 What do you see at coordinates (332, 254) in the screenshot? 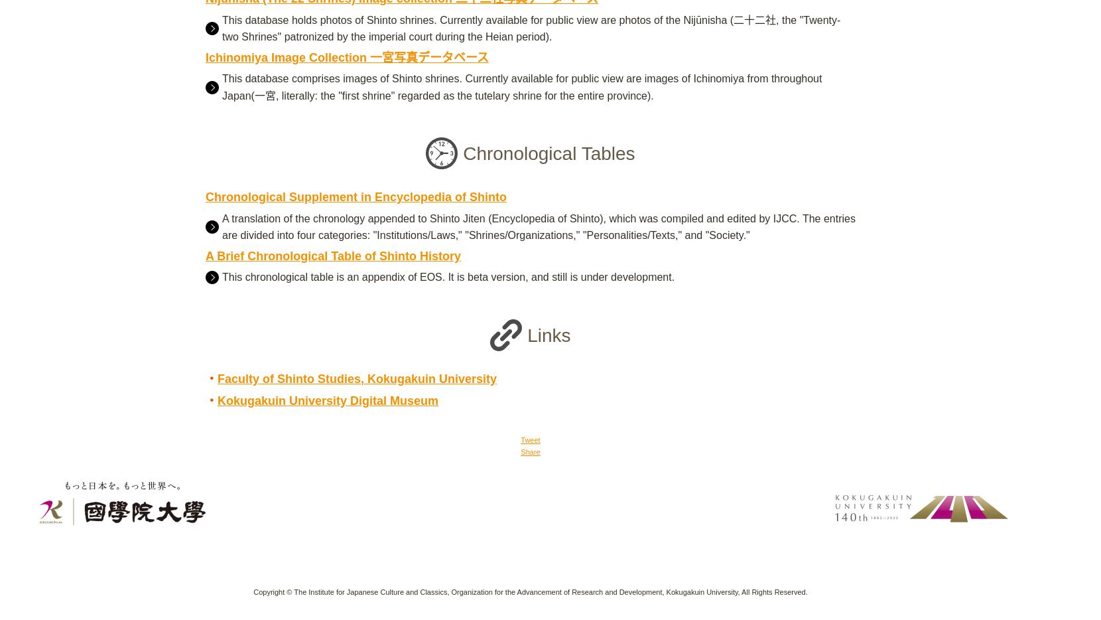
I see `'A Brief Chronological Table of Shinto History'` at bounding box center [332, 254].